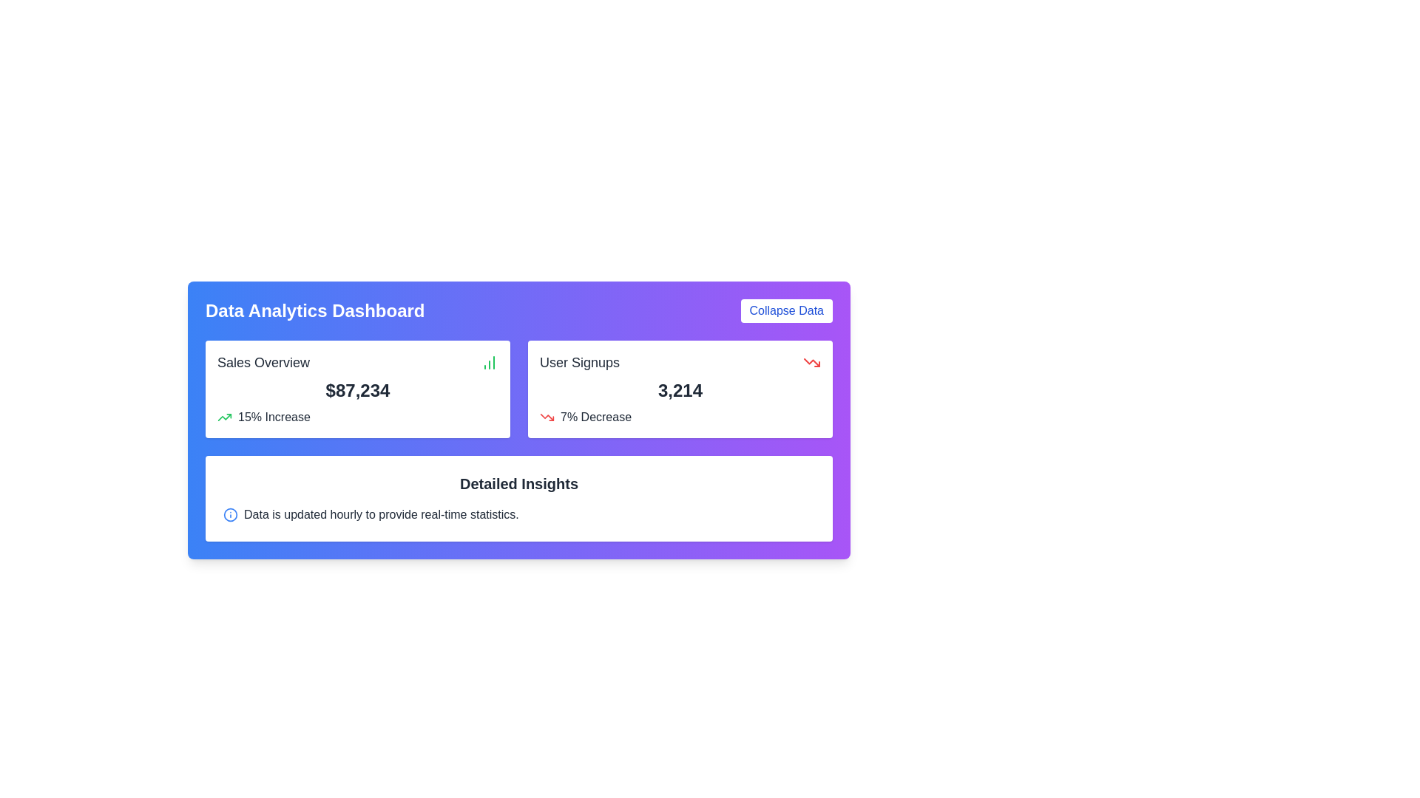 Image resolution: width=1420 pixels, height=798 pixels. I want to click on the text label displaying '15% Increase' located in the 'Sales Overview' section of the dashboard, which is styled in bold and positioned to the right of a green trending-up icon, so click(274, 417).